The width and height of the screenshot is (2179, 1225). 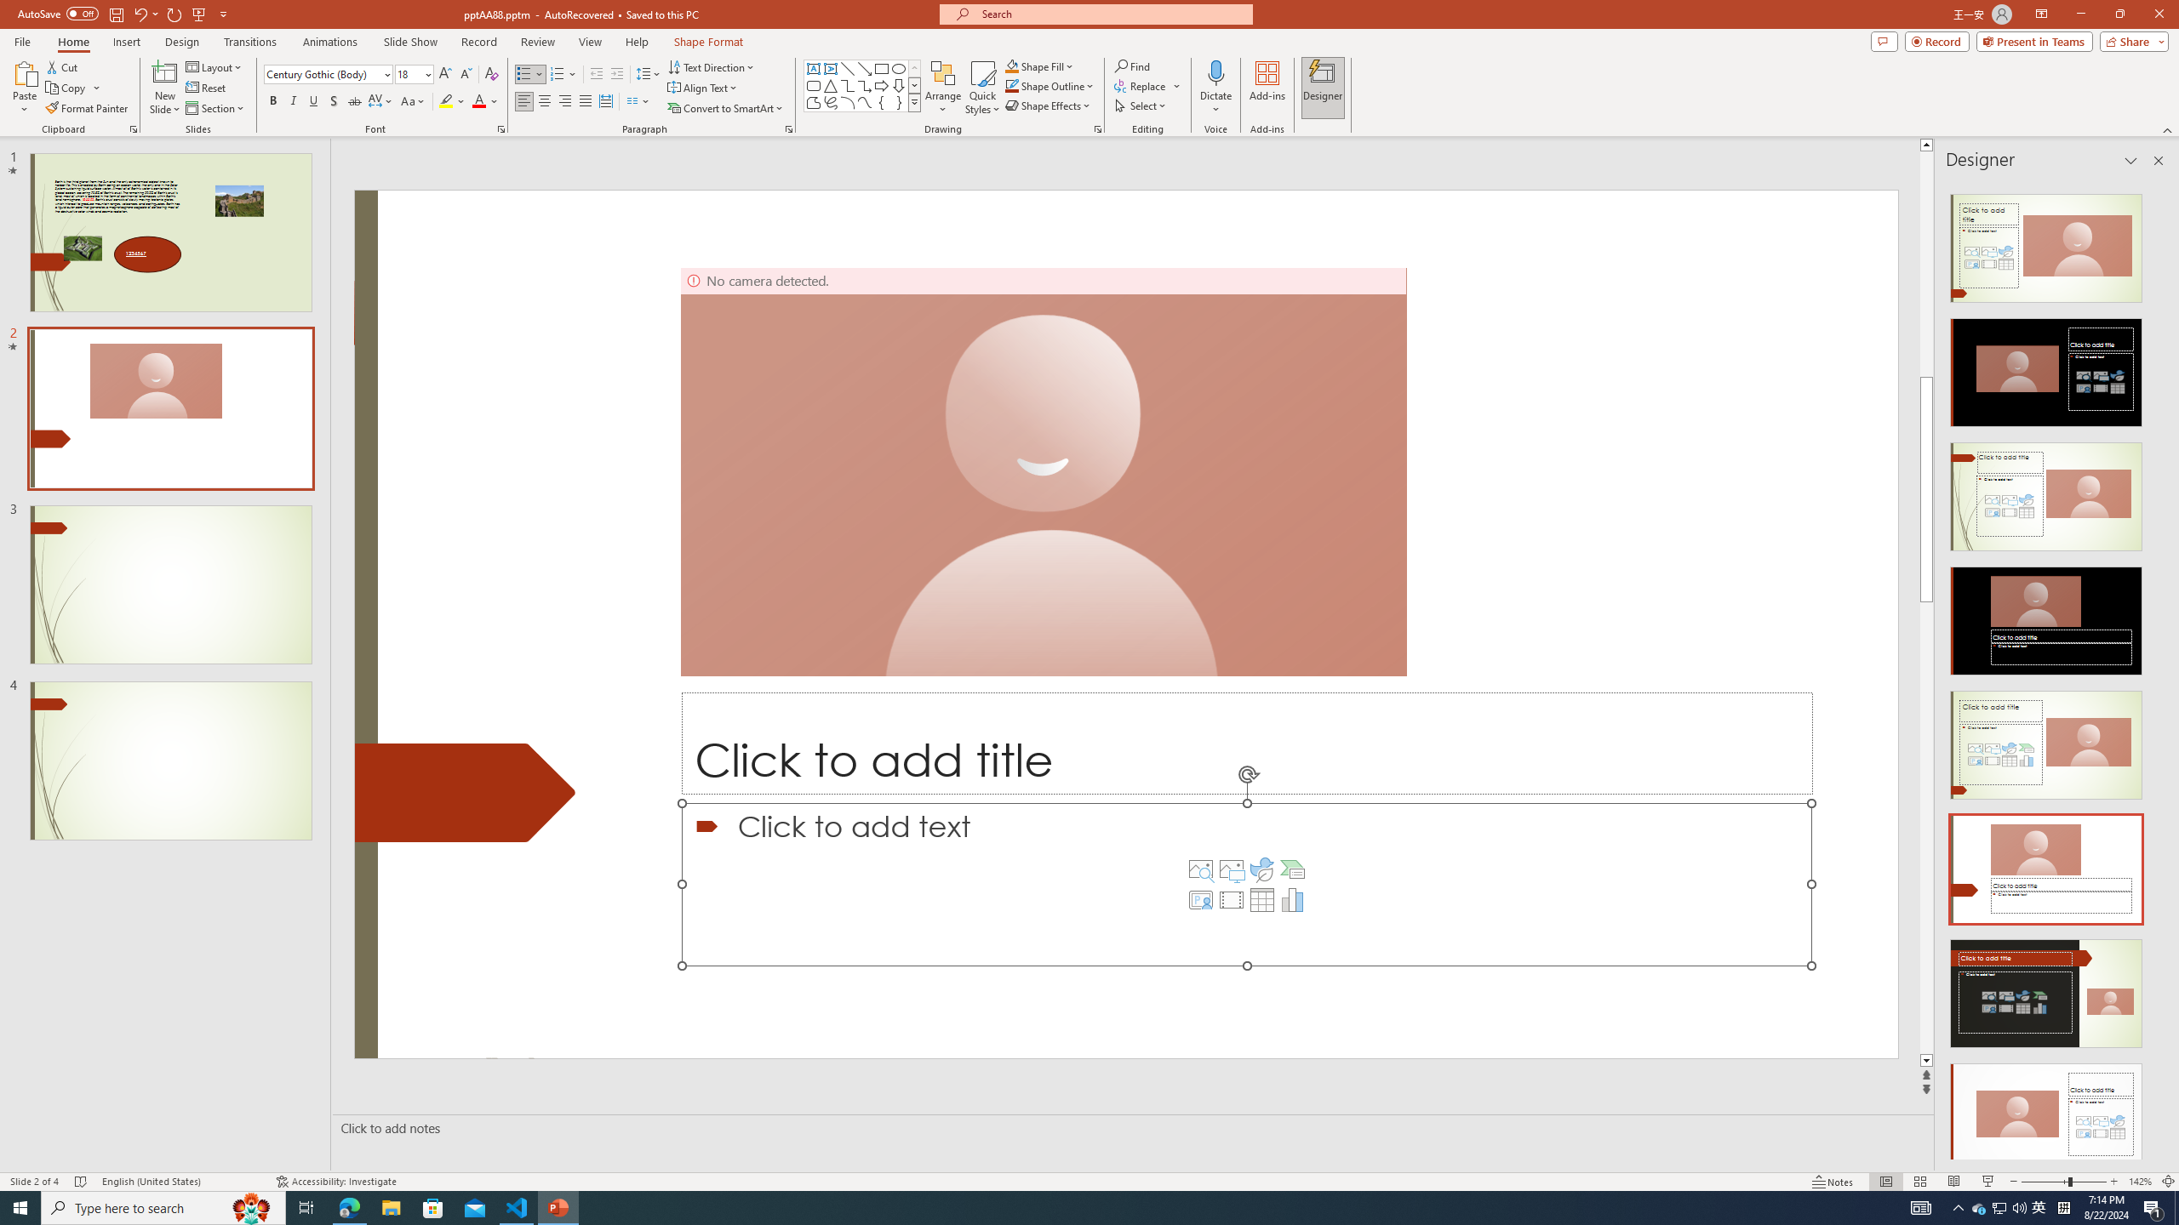 I want to click on 'Camera 7, No camera detected.', so click(x=1044, y=471).